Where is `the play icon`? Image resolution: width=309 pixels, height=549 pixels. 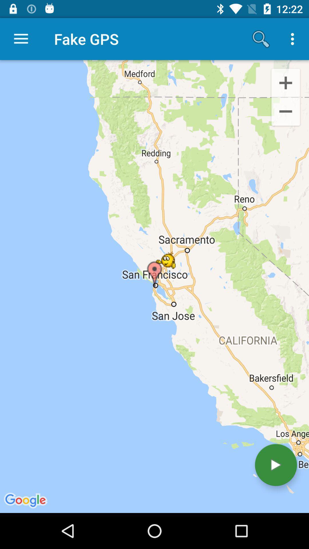 the play icon is located at coordinates (276, 465).